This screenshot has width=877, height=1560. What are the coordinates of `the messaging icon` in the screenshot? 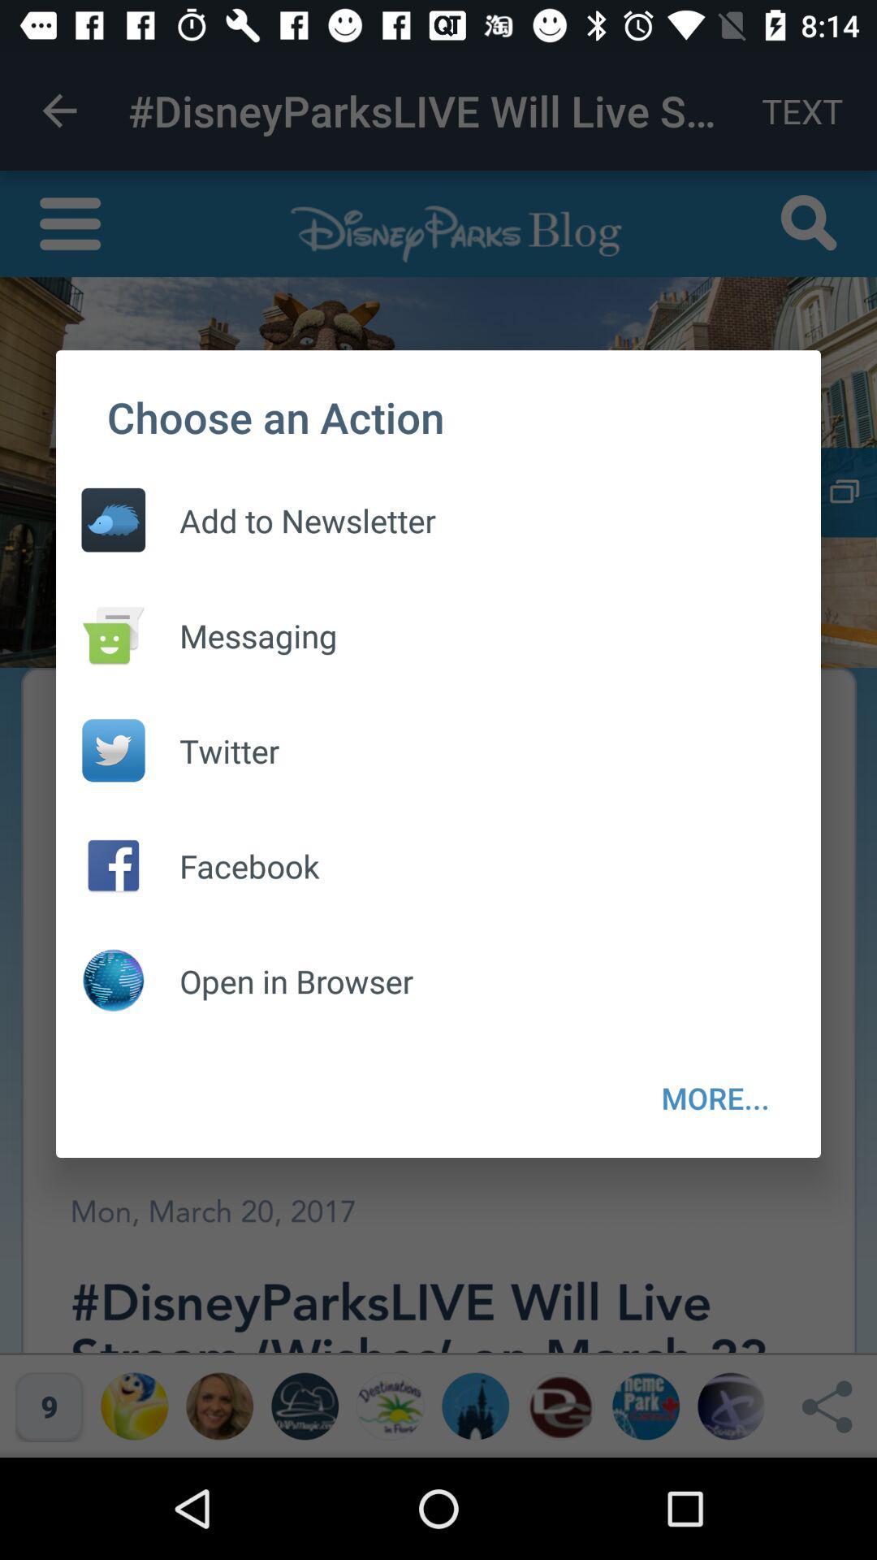 It's located at (241, 635).